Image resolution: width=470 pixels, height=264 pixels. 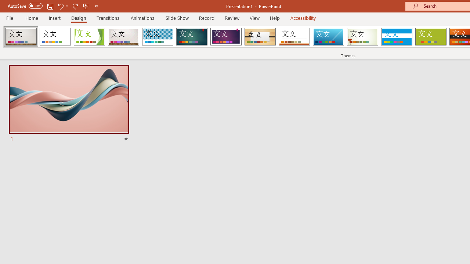 What do you see at coordinates (431, 37) in the screenshot?
I see `'Basis'` at bounding box center [431, 37].